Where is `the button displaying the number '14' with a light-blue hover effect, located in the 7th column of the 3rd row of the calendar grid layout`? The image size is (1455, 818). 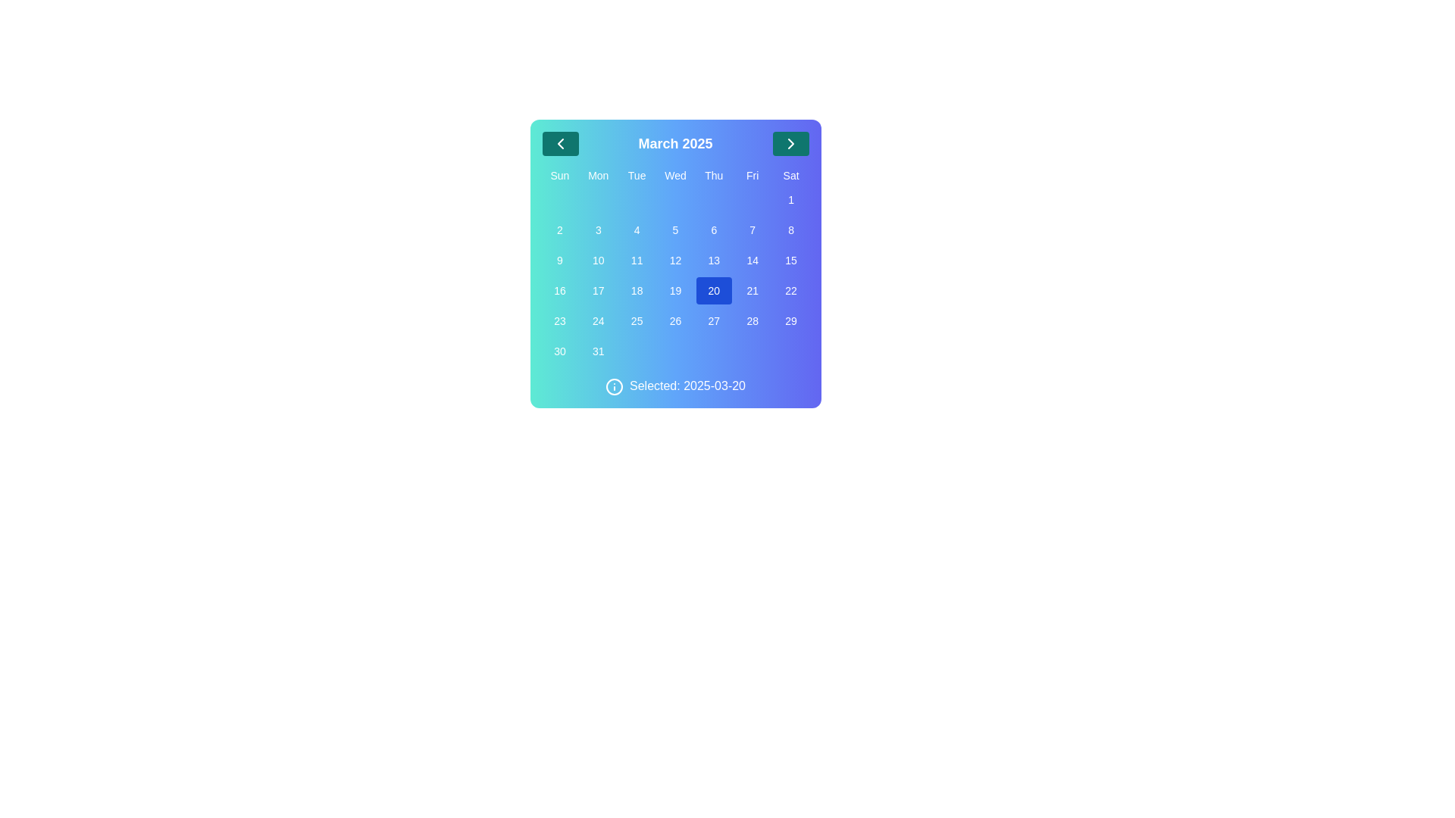
the button displaying the number '14' with a light-blue hover effect, located in the 7th column of the 3rd row of the calendar grid layout is located at coordinates (753, 259).